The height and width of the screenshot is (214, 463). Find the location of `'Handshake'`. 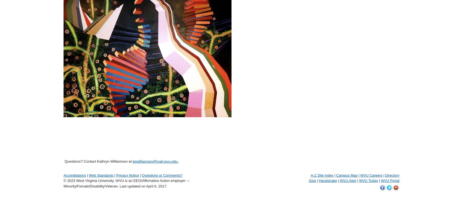

'Handshake' is located at coordinates (328, 180).